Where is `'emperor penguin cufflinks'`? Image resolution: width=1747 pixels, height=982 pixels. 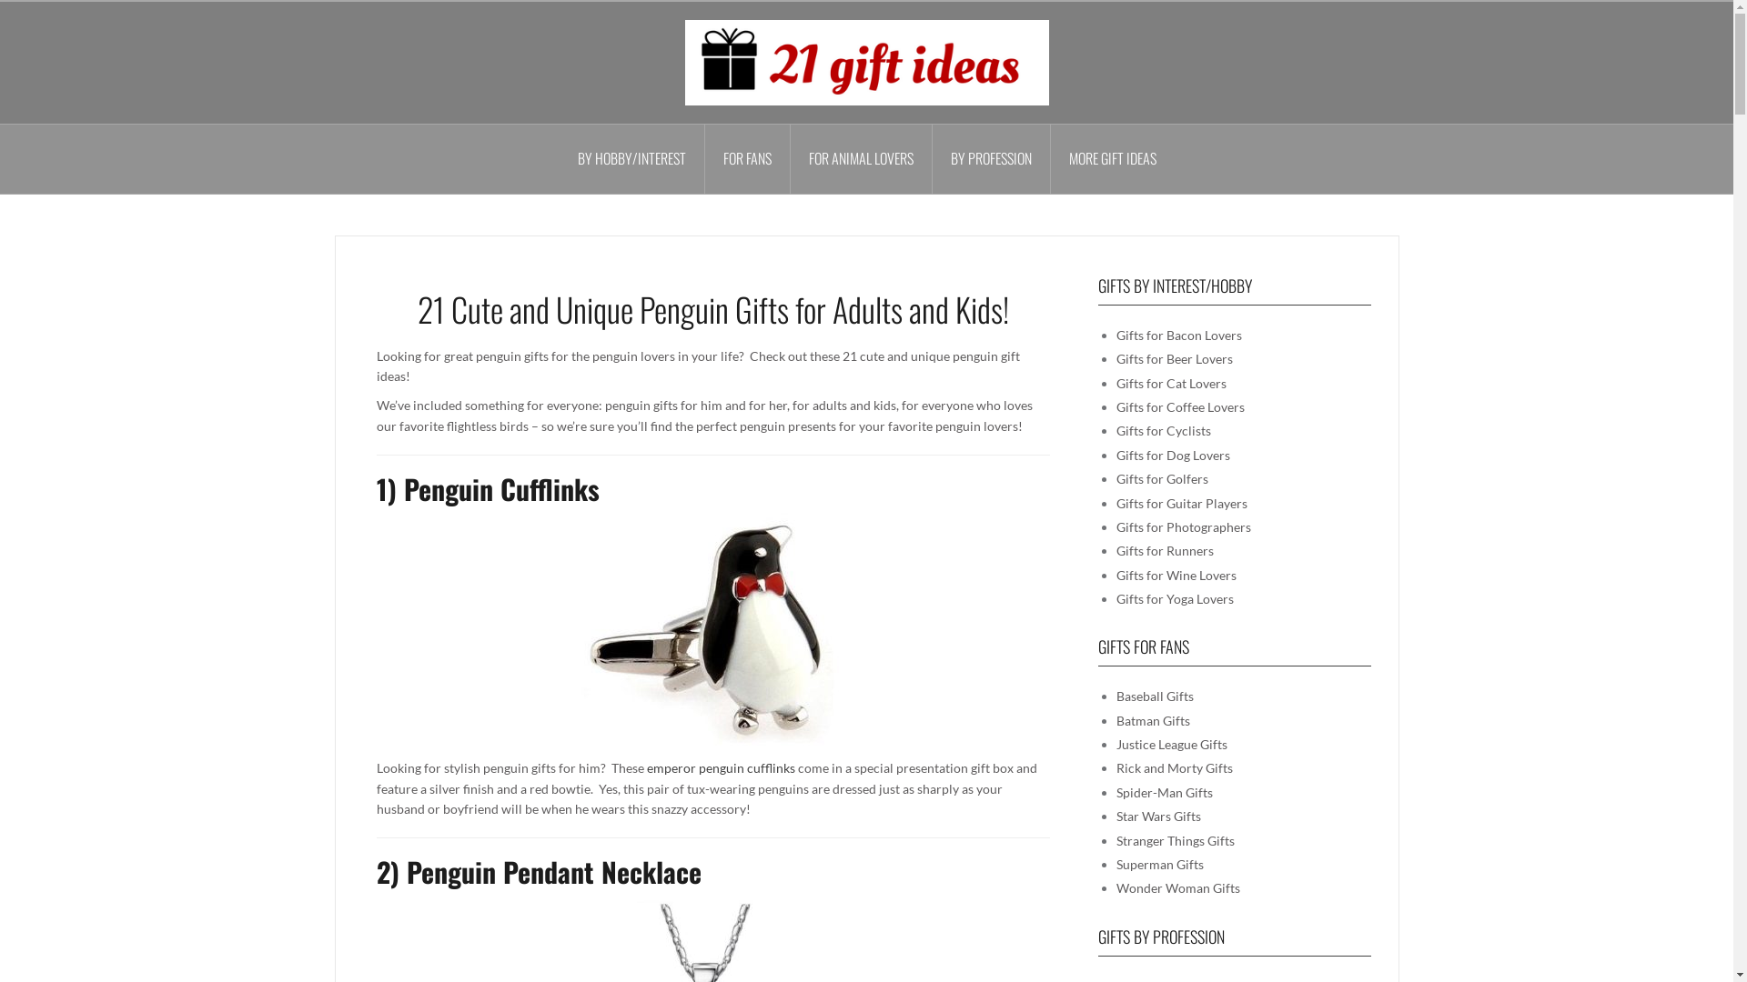 'emperor penguin cufflinks' is located at coordinates (646, 767).